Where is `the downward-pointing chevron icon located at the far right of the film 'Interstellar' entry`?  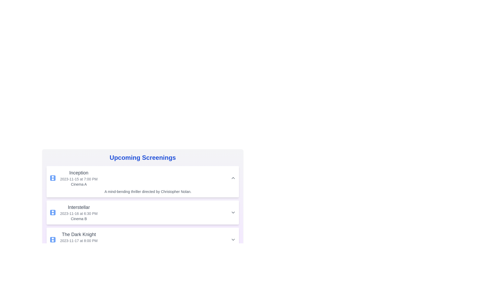 the downward-pointing chevron icon located at the far right of the film 'Interstellar' entry is located at coordinates (233, 212).